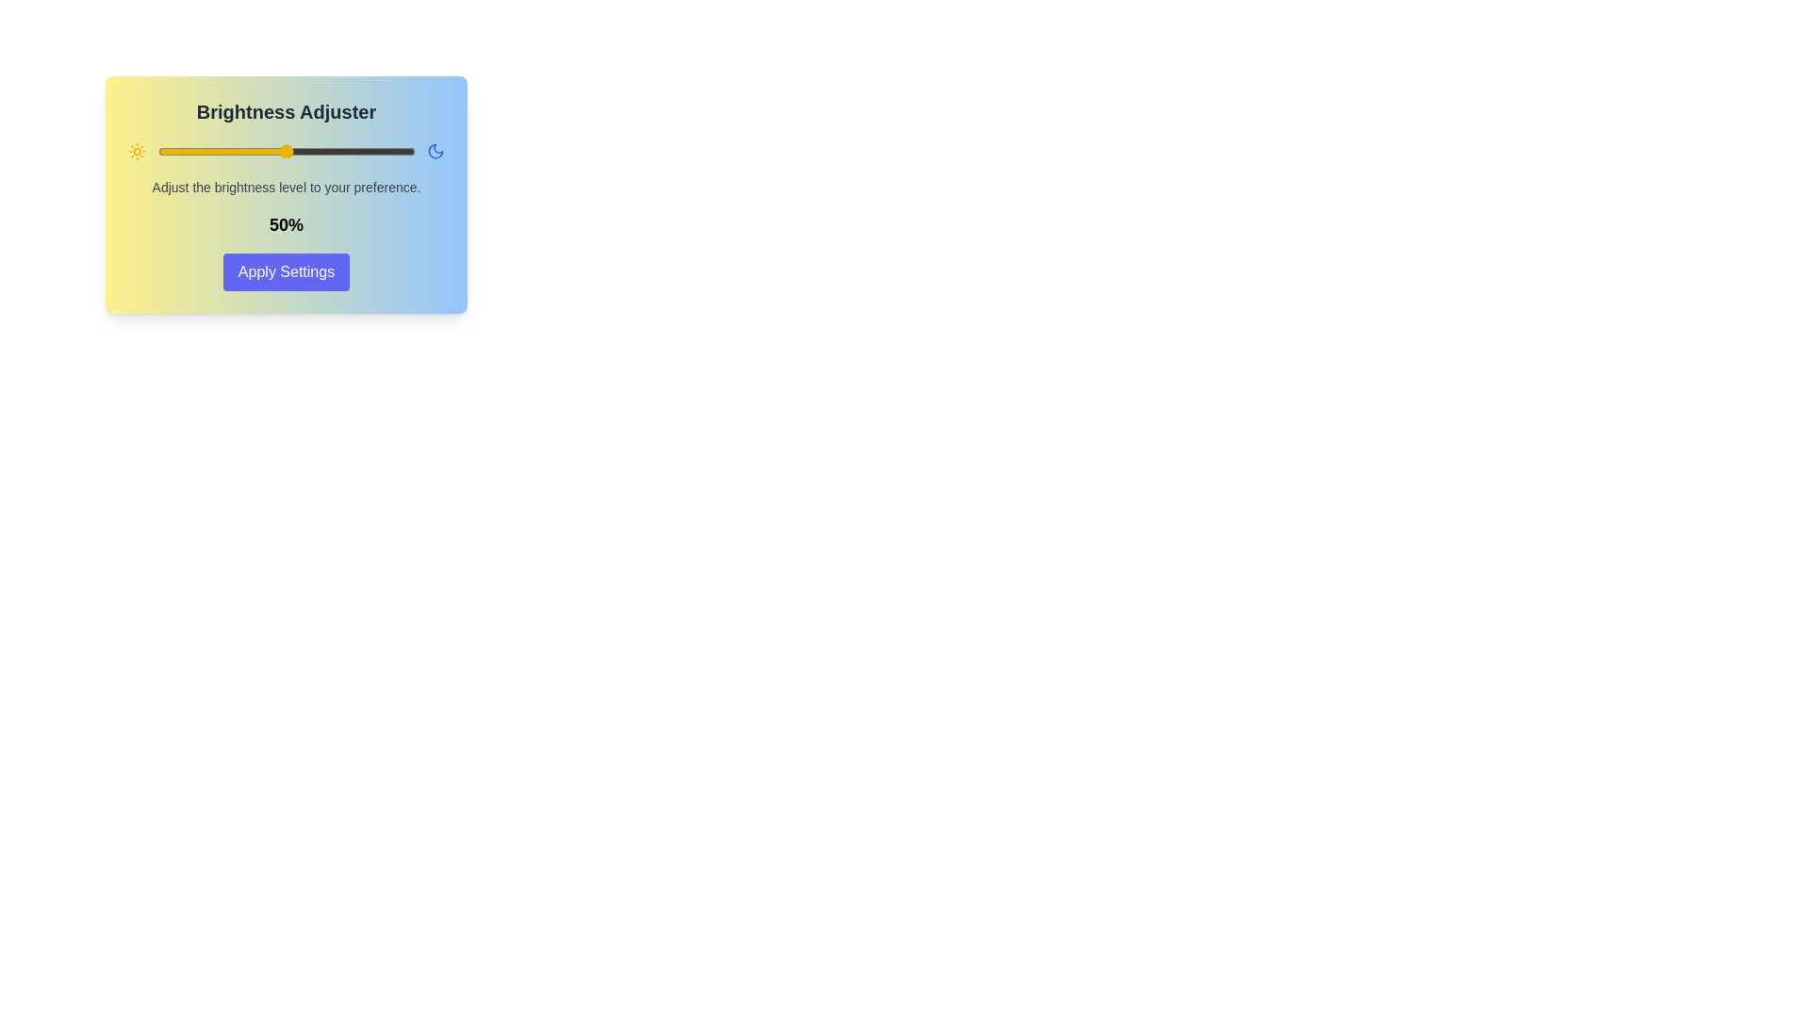  What do you see at coordinates (383, 151) in the screenshot?
I see `the brightness slider to 88%` at bounding box center [383, 151].